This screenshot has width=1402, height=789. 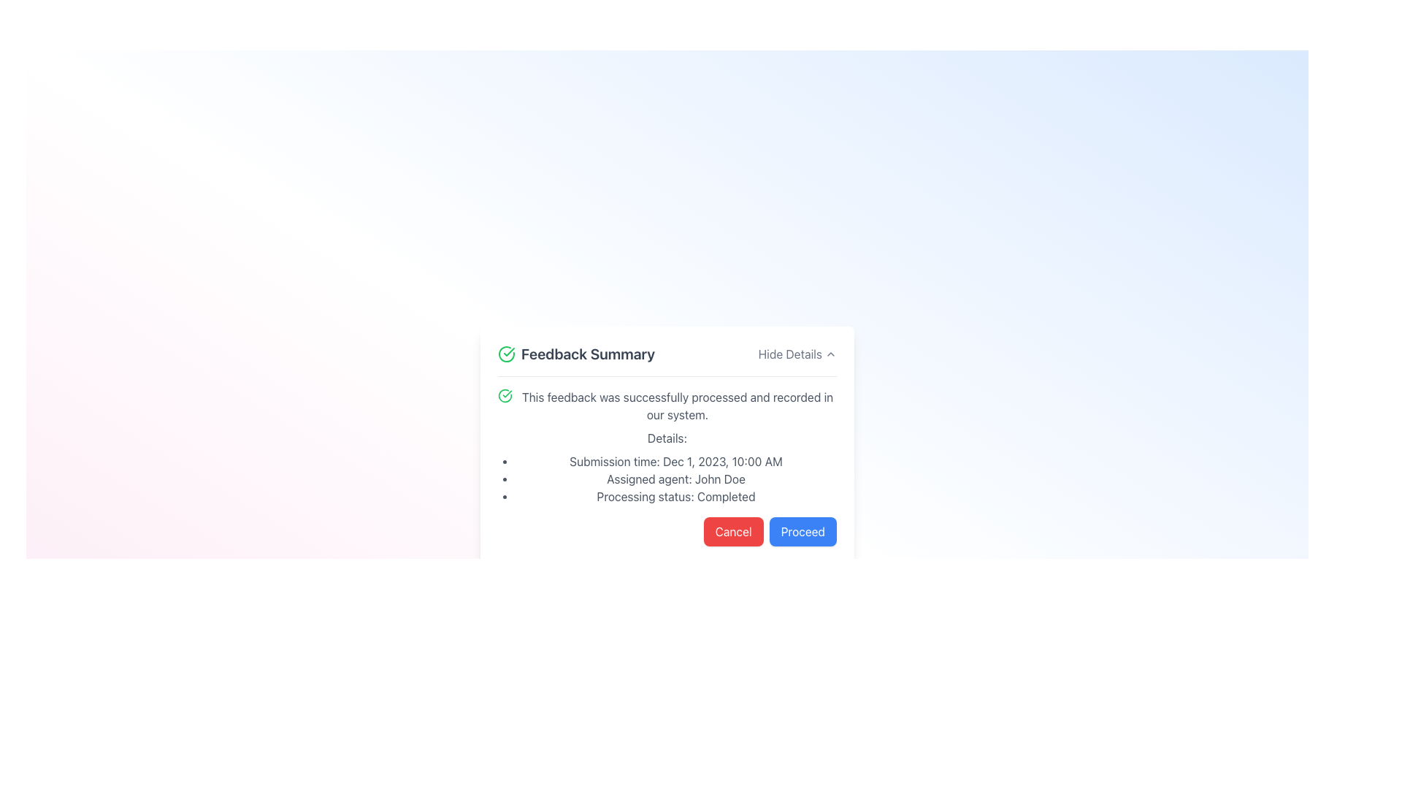 What do you see at coordinates (588, 354) in the screenshot?
I see `the Text Label that summarizes the feedback information, located to the right of a green checkmark icon in the header of the summary section` at bounding box center [588, 354].